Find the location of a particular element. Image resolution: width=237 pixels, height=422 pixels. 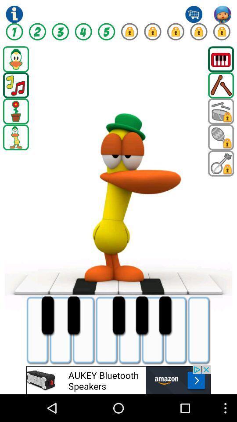

the facebook icon is located at coordinates (14, 34).